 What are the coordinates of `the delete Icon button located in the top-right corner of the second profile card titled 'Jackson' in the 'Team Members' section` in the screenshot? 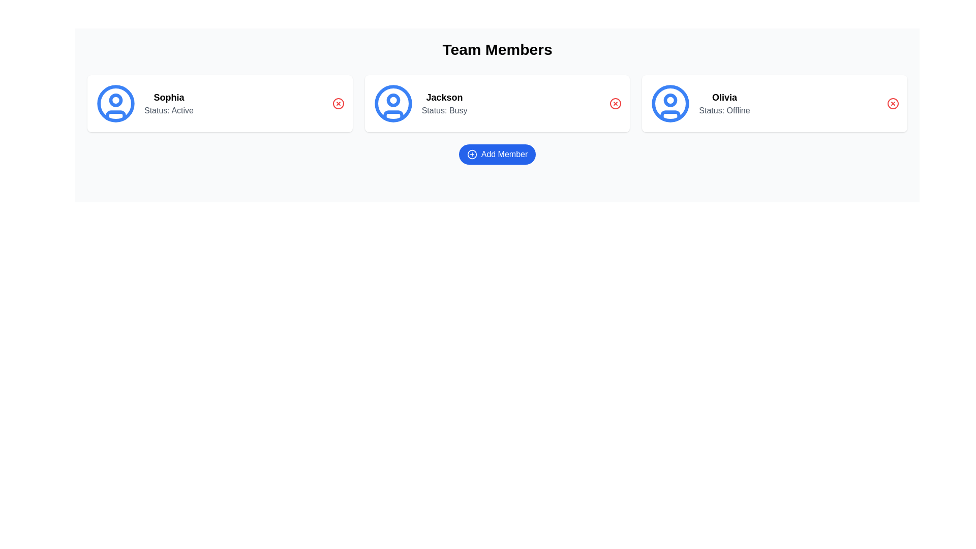 It's located at (615, 104).